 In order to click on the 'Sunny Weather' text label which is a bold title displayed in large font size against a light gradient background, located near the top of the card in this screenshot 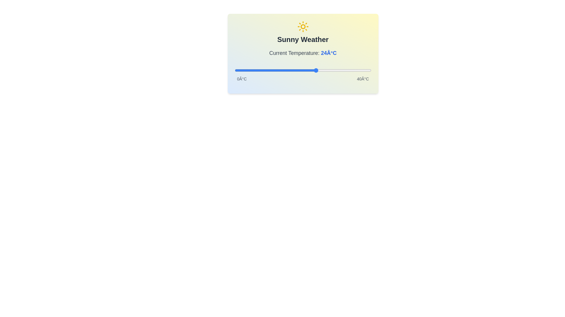, I will do `click(303, 40)`.